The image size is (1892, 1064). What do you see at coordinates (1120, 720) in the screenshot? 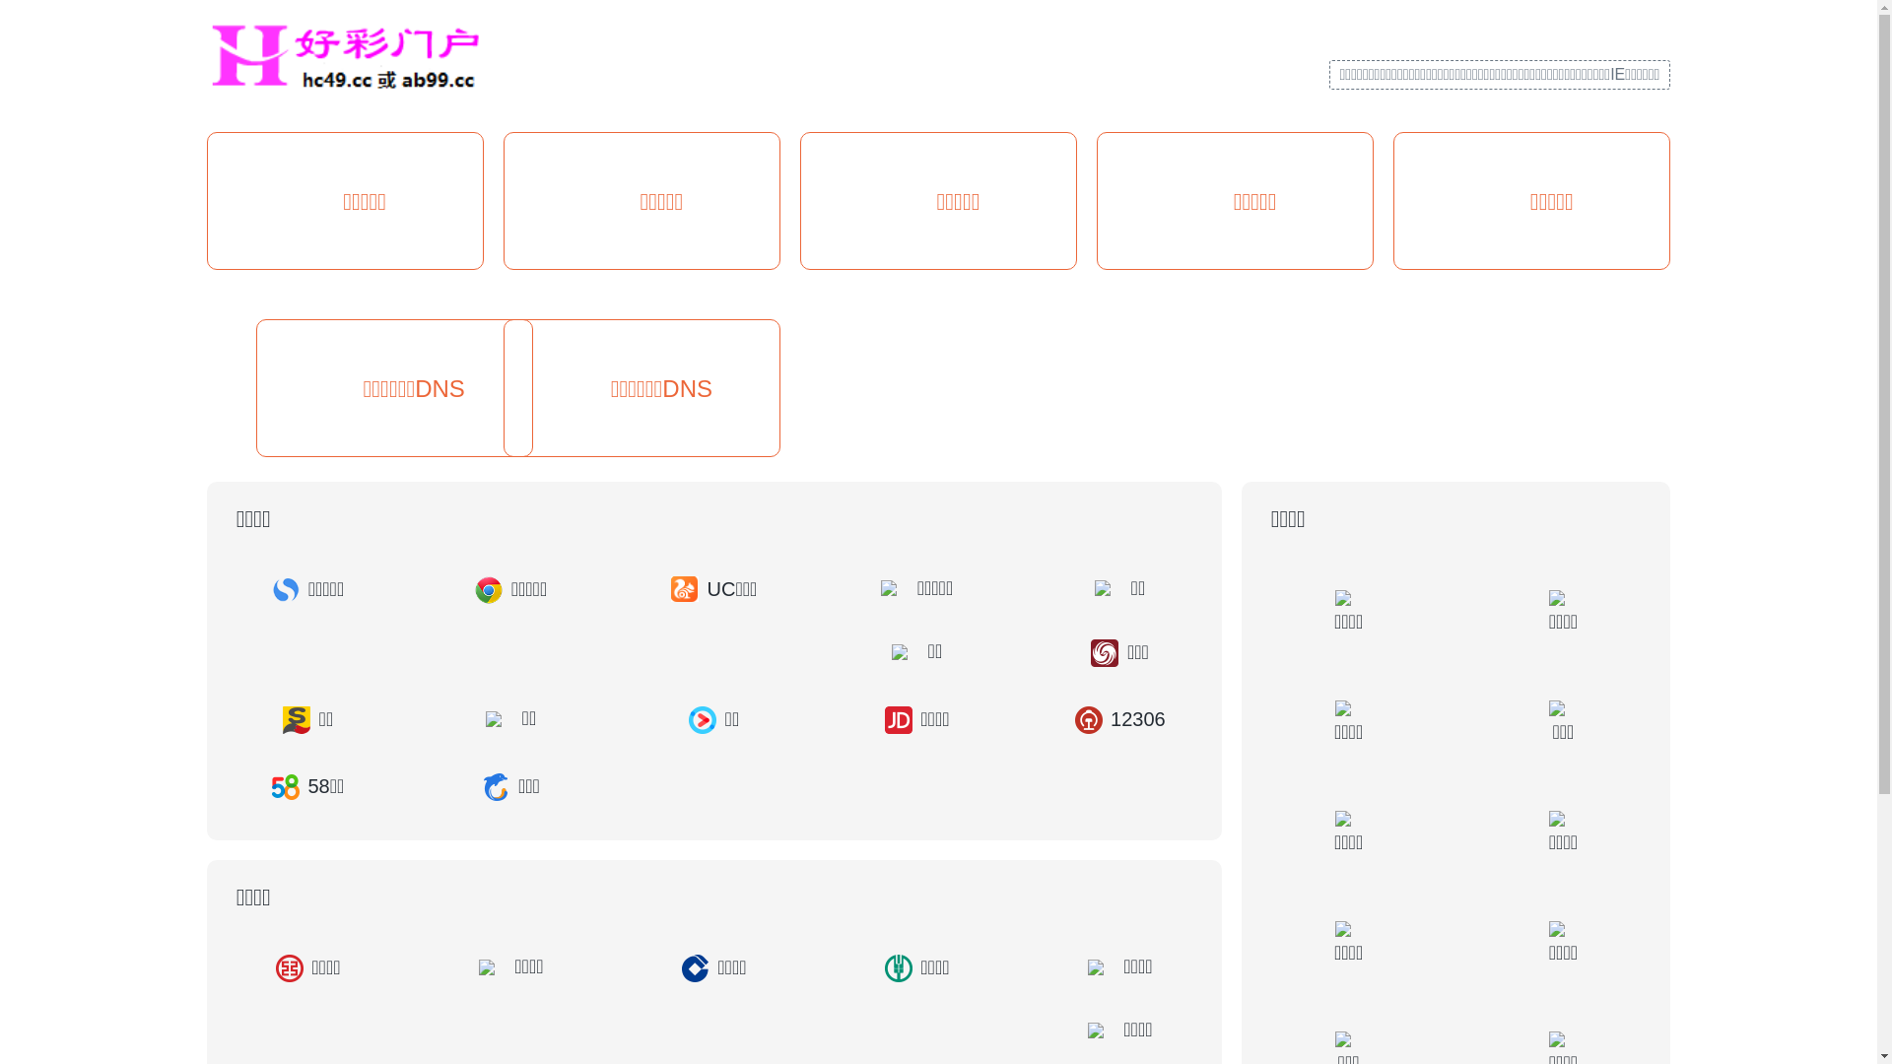
I see `'12306'` at bounding box center [1120, 720].